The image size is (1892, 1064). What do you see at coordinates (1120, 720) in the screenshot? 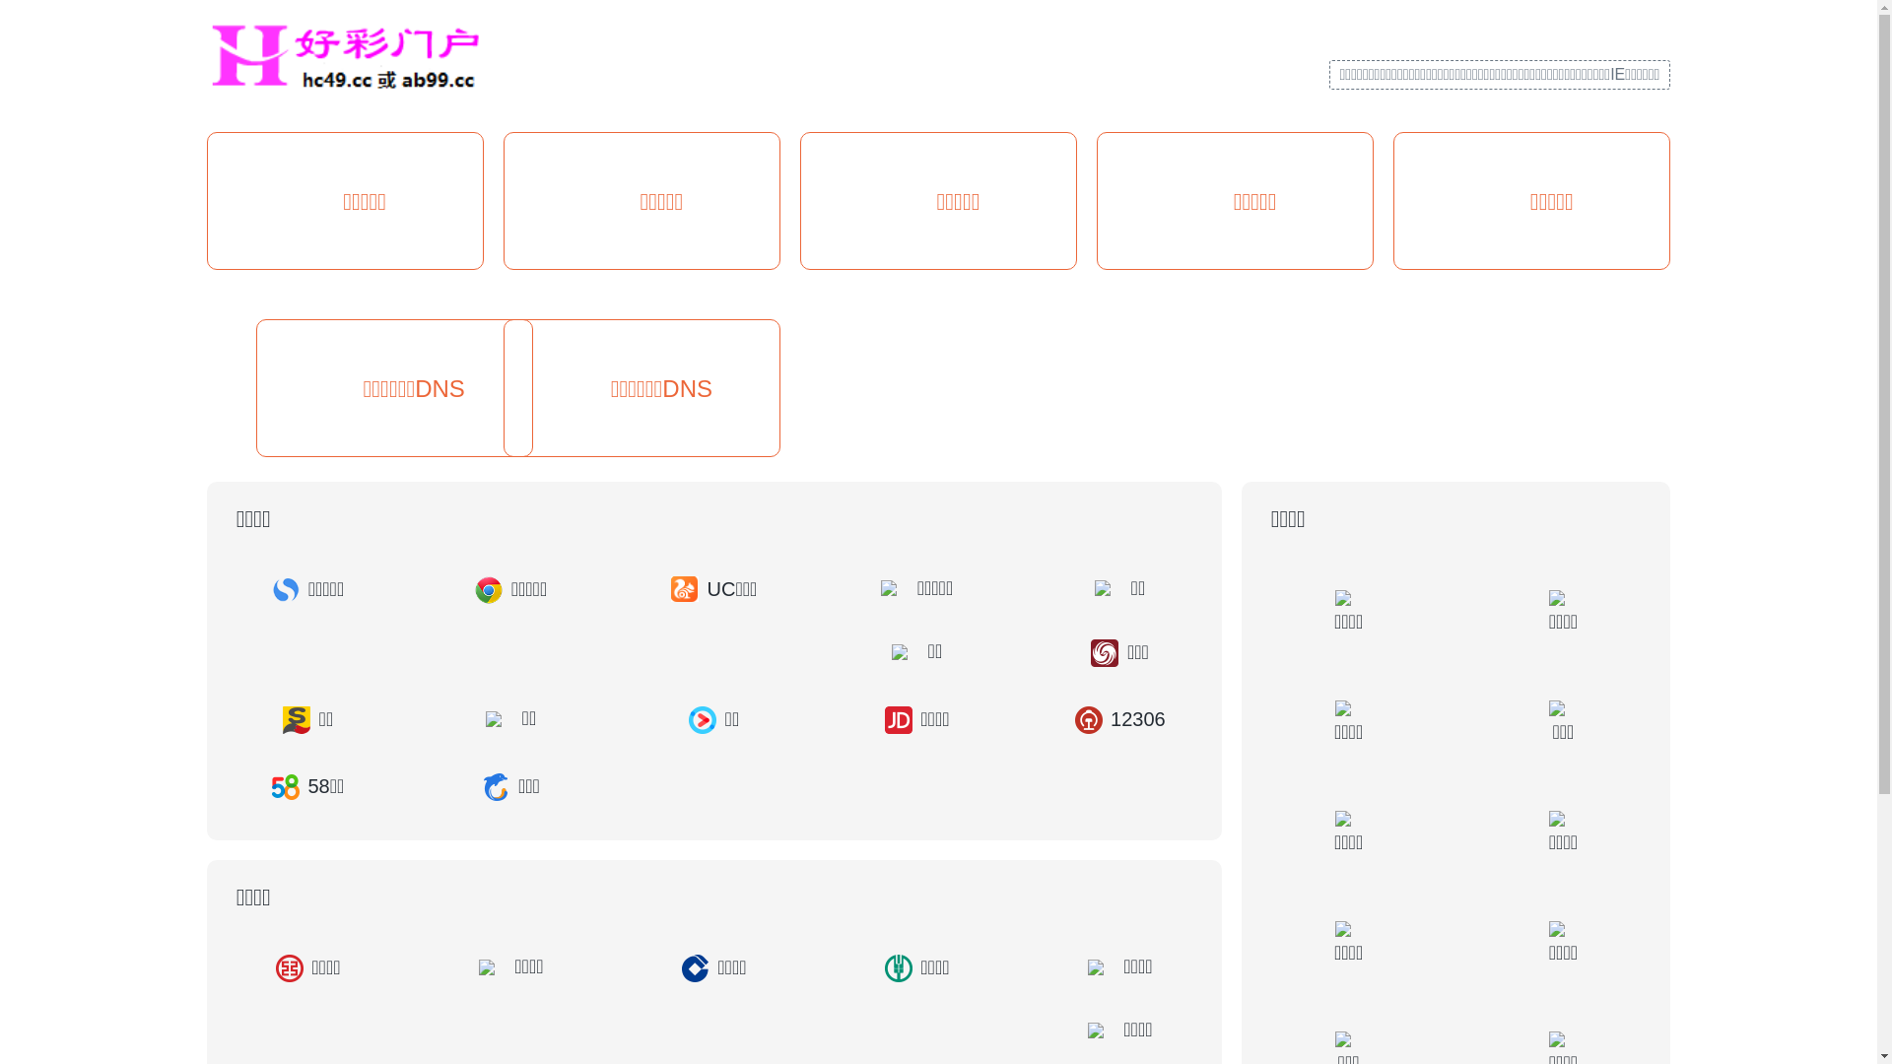
I see `'12306'` at bounding box center [1120, 720].